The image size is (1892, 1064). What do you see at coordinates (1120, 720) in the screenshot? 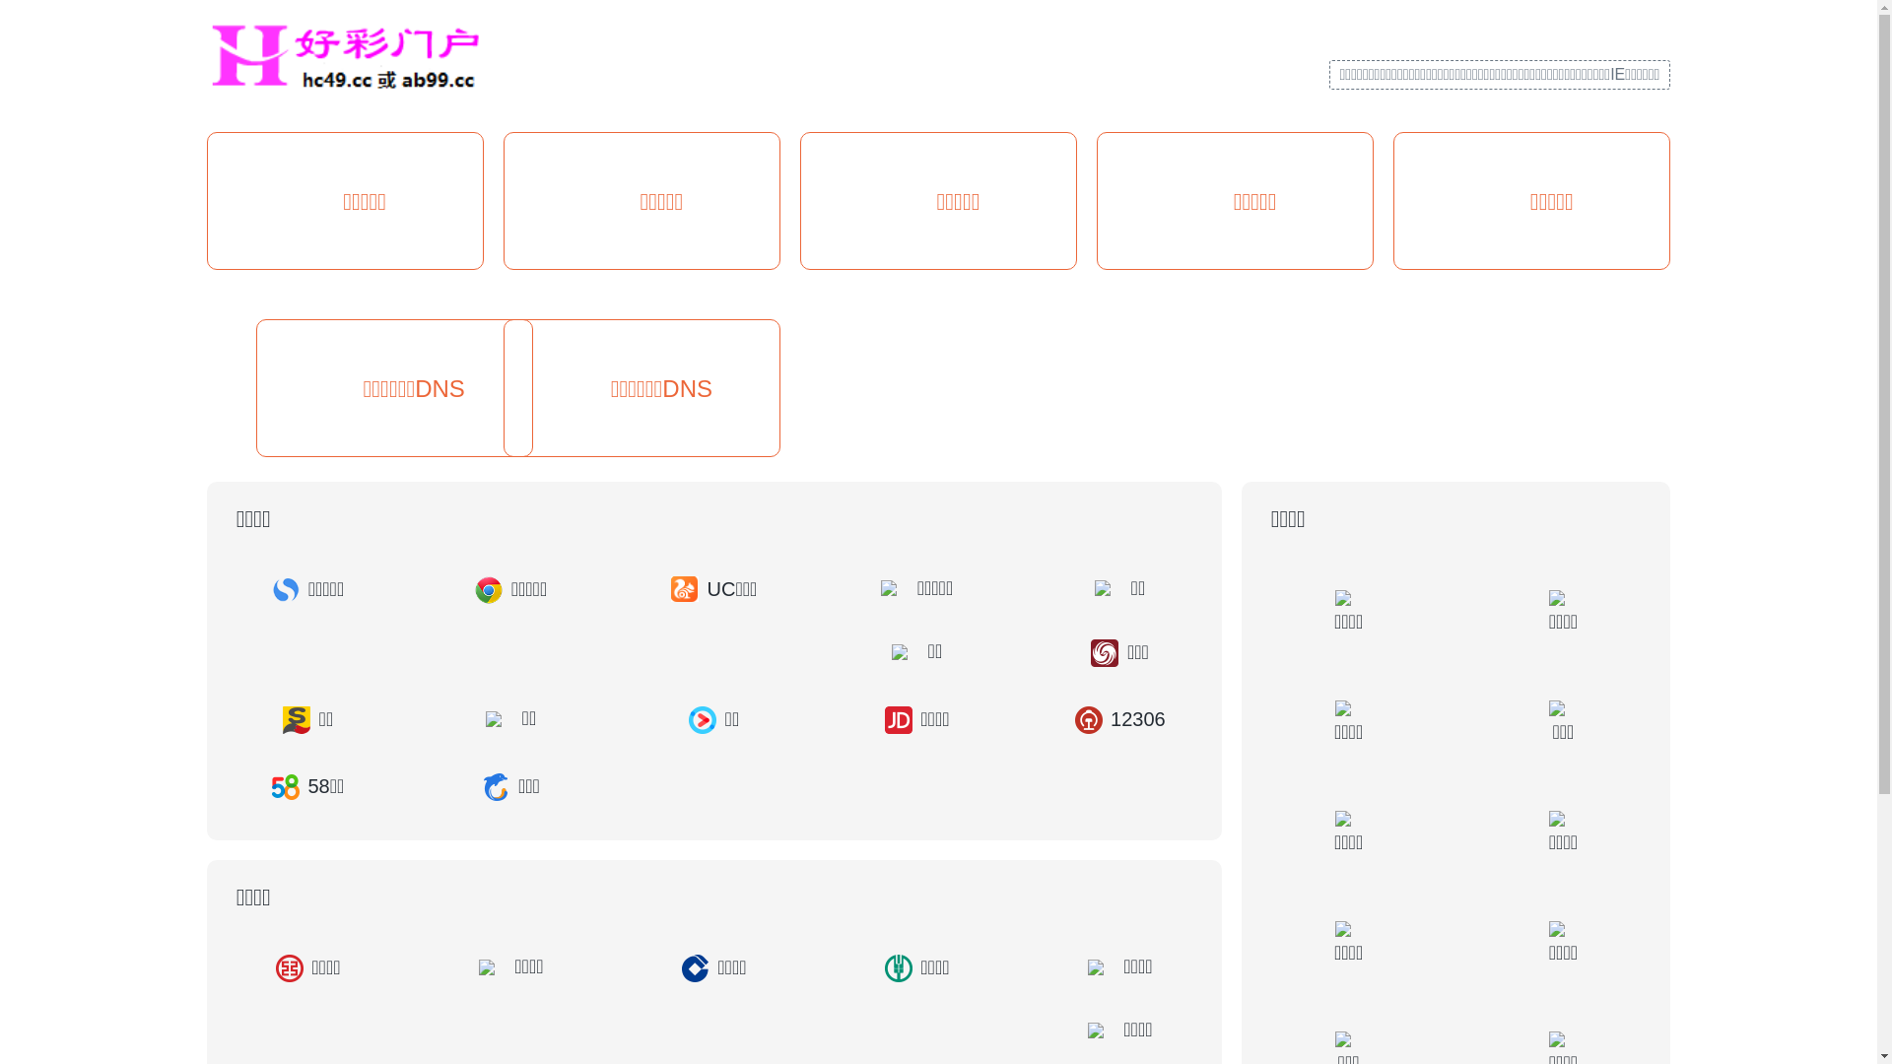
I see `'12306'` at bounding box center [1120, 720].